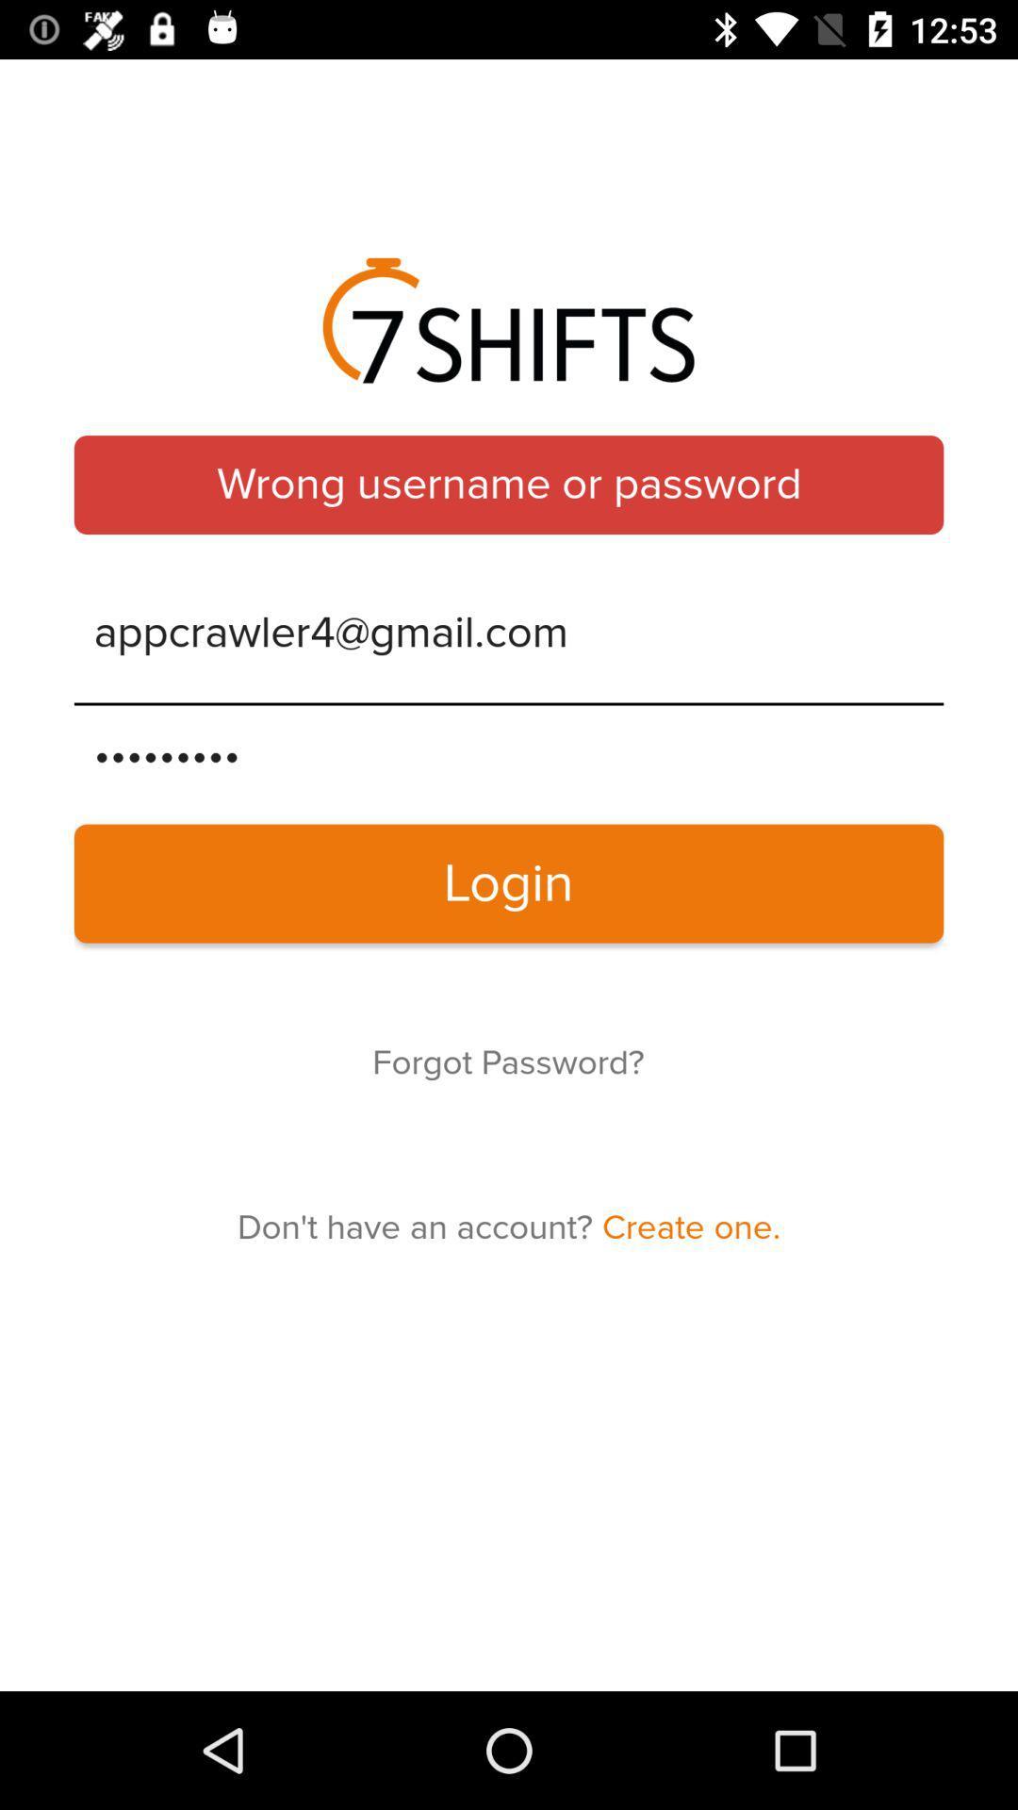 This screenshot has width=1018, height=1810. What do you see at coordinates (509, 755) in the screenshot?
I see `the crowd3116` at bounding box center [509, 755].